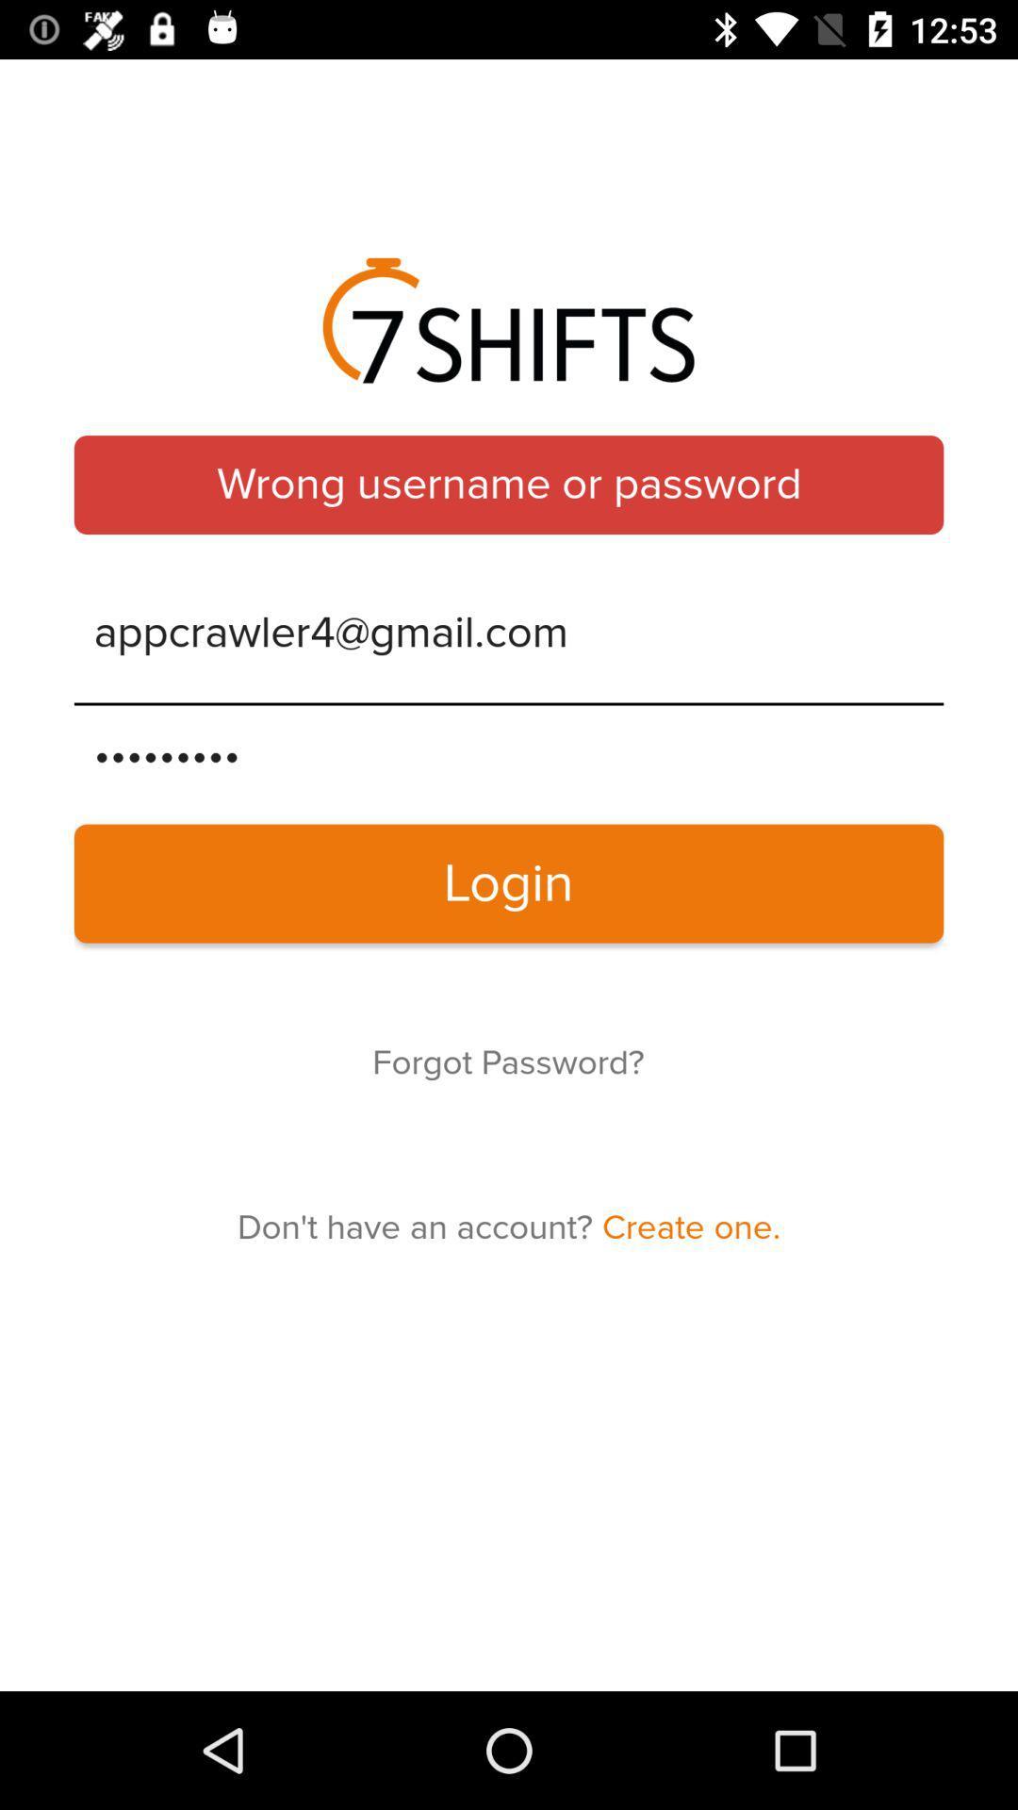 This screenshot has width=1018, height=1810. What do you see at coordinates (509, 755) in the screenshot?
I see `the crowd3116` at bounding box center [509, 755].